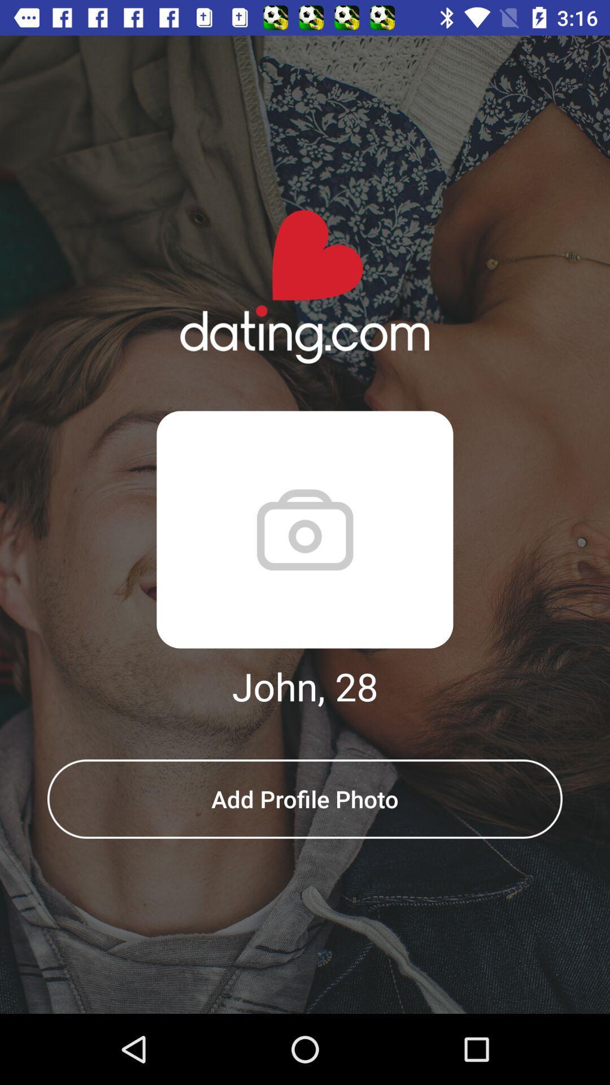 This screenshot has width=610, height=1085. Describe the element at coordinates (305, 529) in the screenshot. I see `take photo` at that location.